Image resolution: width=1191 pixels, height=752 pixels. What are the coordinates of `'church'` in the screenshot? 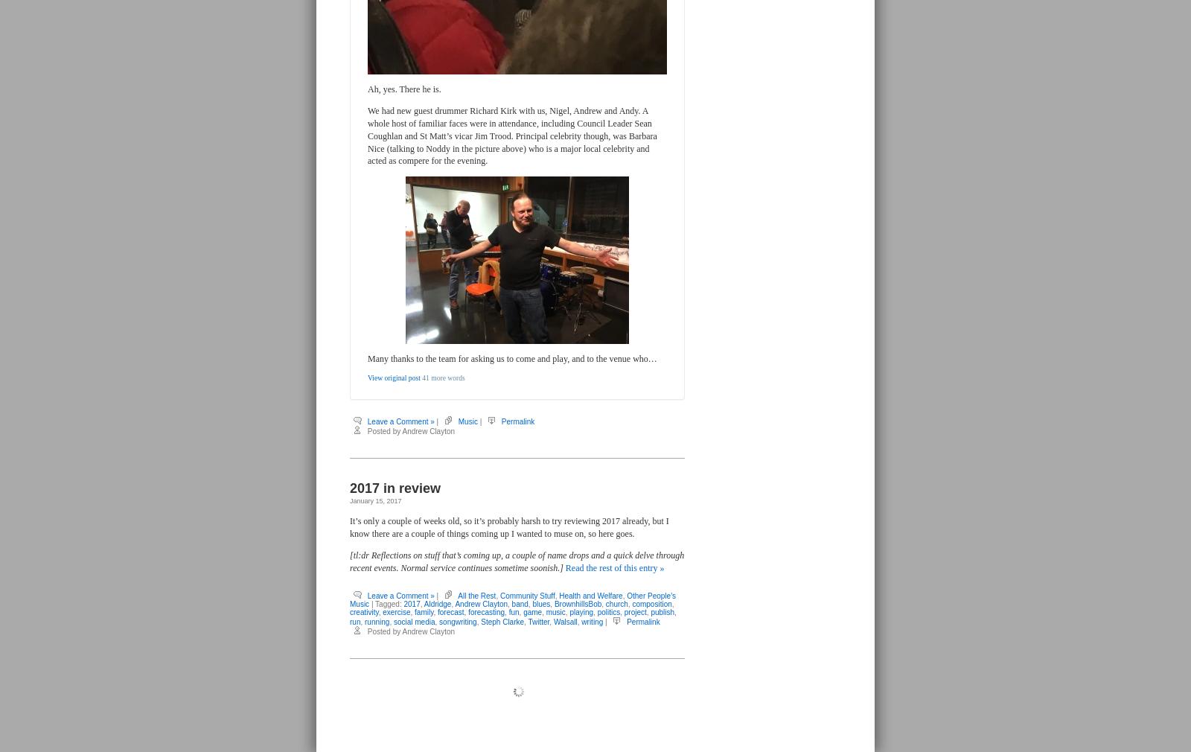 It's located at (615, 604).